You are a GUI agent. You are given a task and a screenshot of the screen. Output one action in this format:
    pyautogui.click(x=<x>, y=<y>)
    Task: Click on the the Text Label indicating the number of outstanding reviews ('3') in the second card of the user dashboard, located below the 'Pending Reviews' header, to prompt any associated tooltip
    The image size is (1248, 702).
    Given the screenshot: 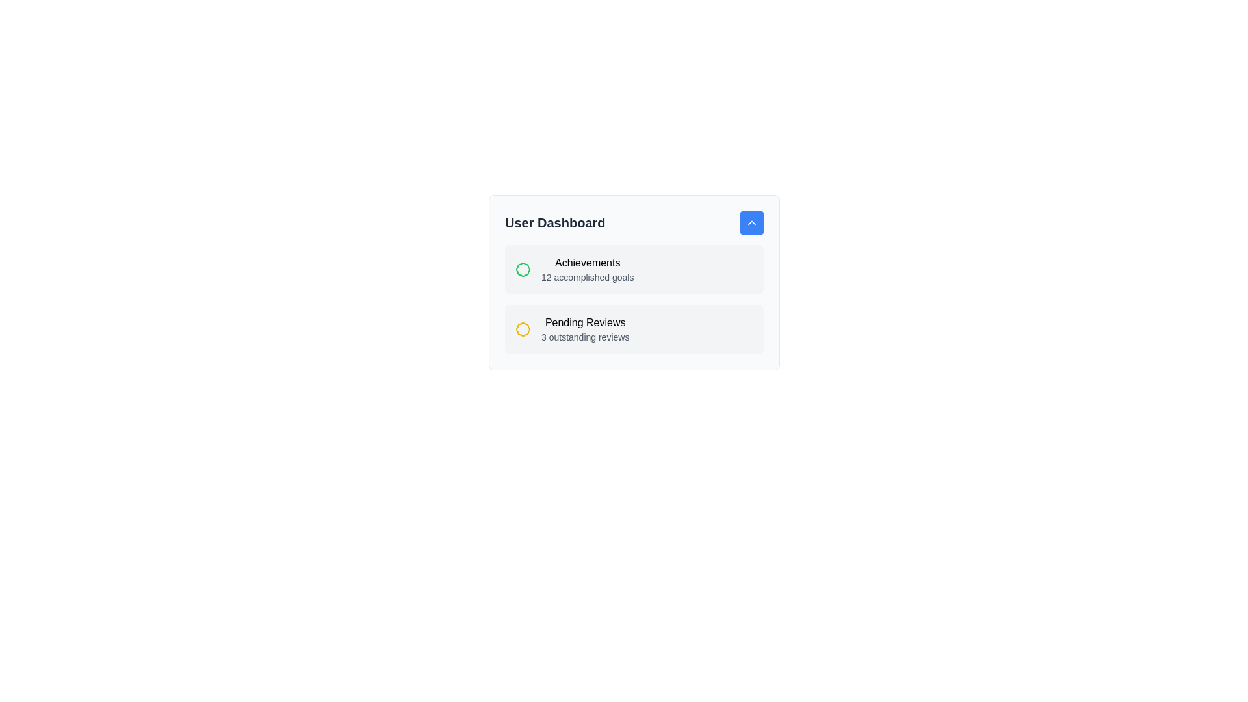 What is the action you would take?
    pyautogui.click(x=584, y=337)
    